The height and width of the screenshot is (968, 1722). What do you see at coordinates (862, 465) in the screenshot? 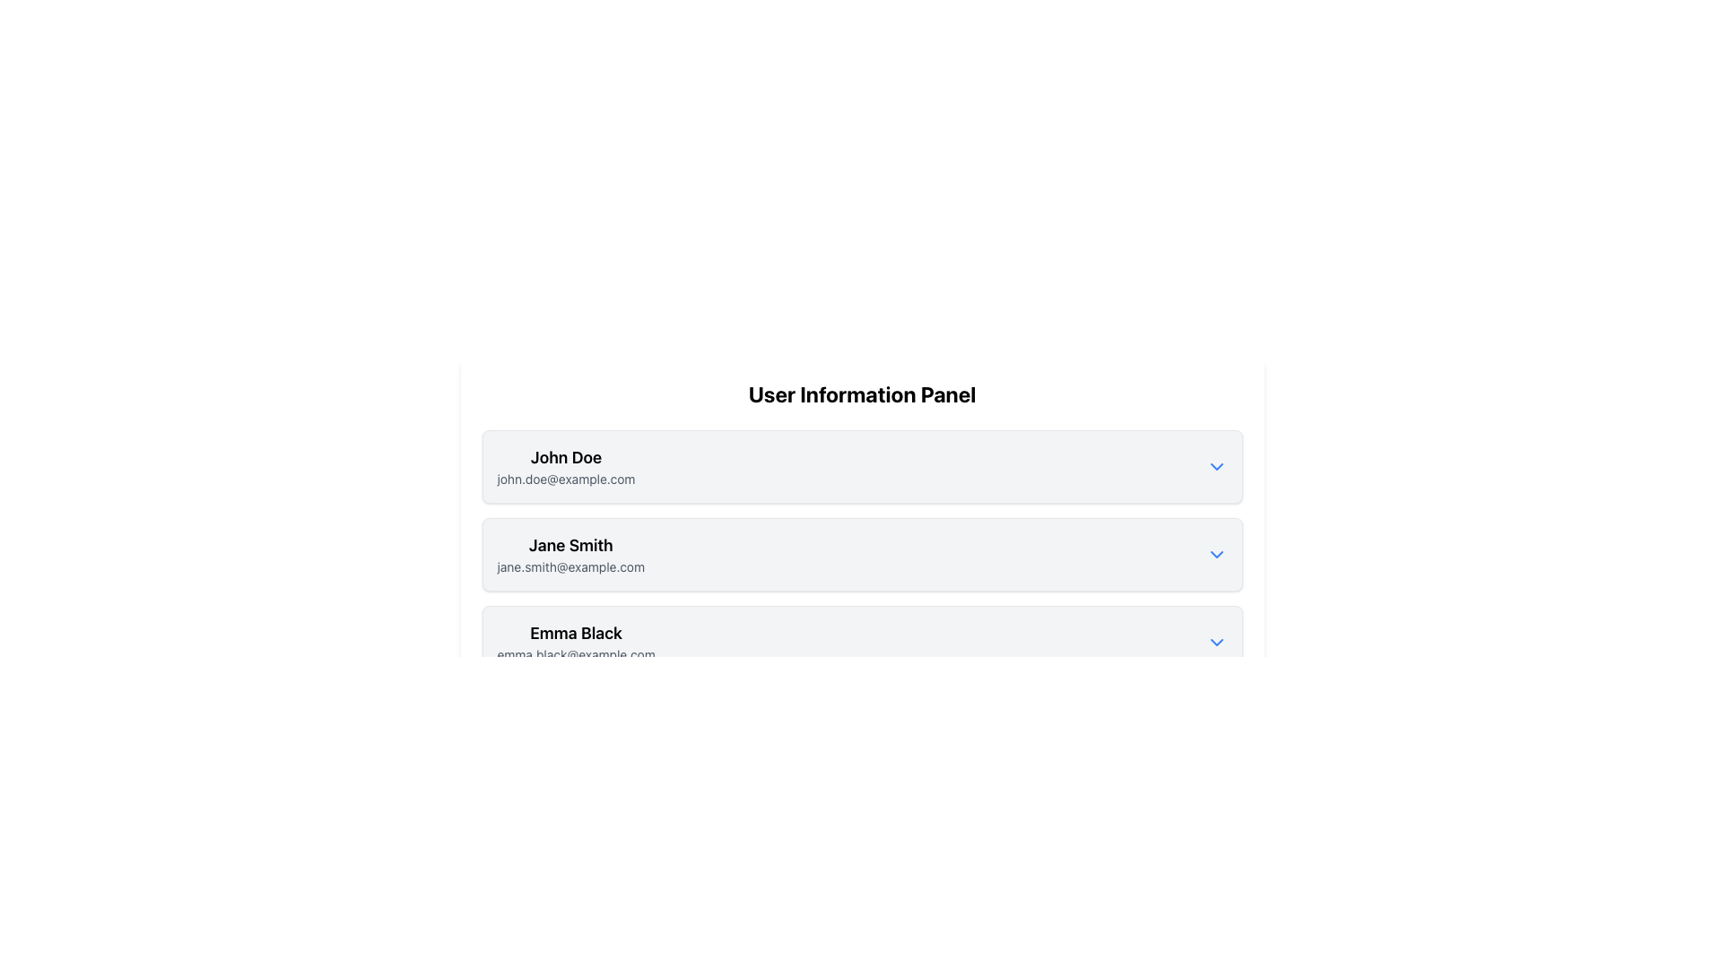
I see `the list item entry displaying 'John Doe' with an email of 'john.doe@example.com'` at bounding box center [862, 465].